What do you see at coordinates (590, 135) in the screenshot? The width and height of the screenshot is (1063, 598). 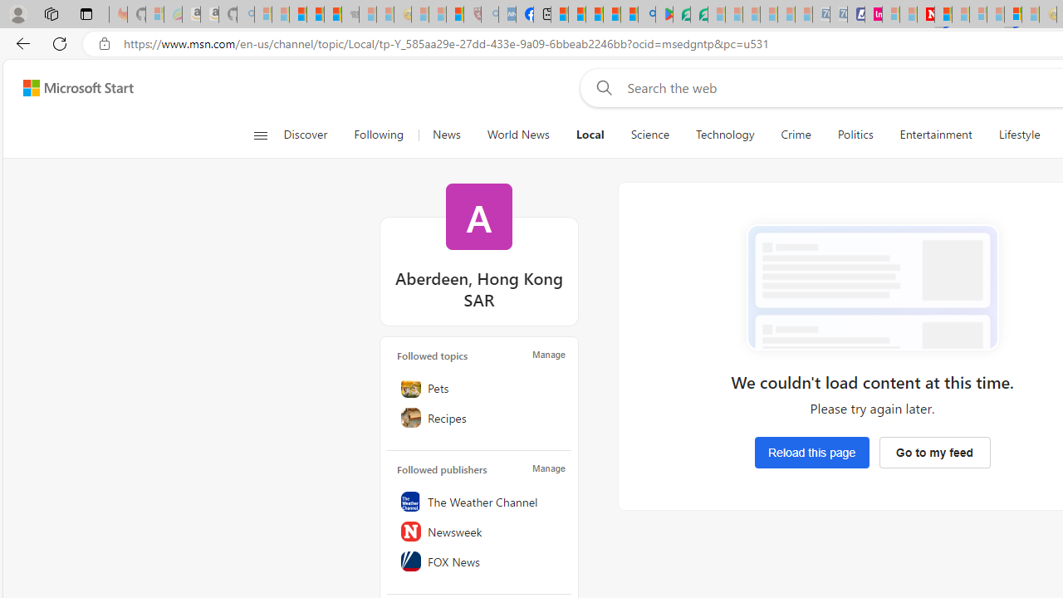 I see `'Local'` at bounding box center [590, 135].